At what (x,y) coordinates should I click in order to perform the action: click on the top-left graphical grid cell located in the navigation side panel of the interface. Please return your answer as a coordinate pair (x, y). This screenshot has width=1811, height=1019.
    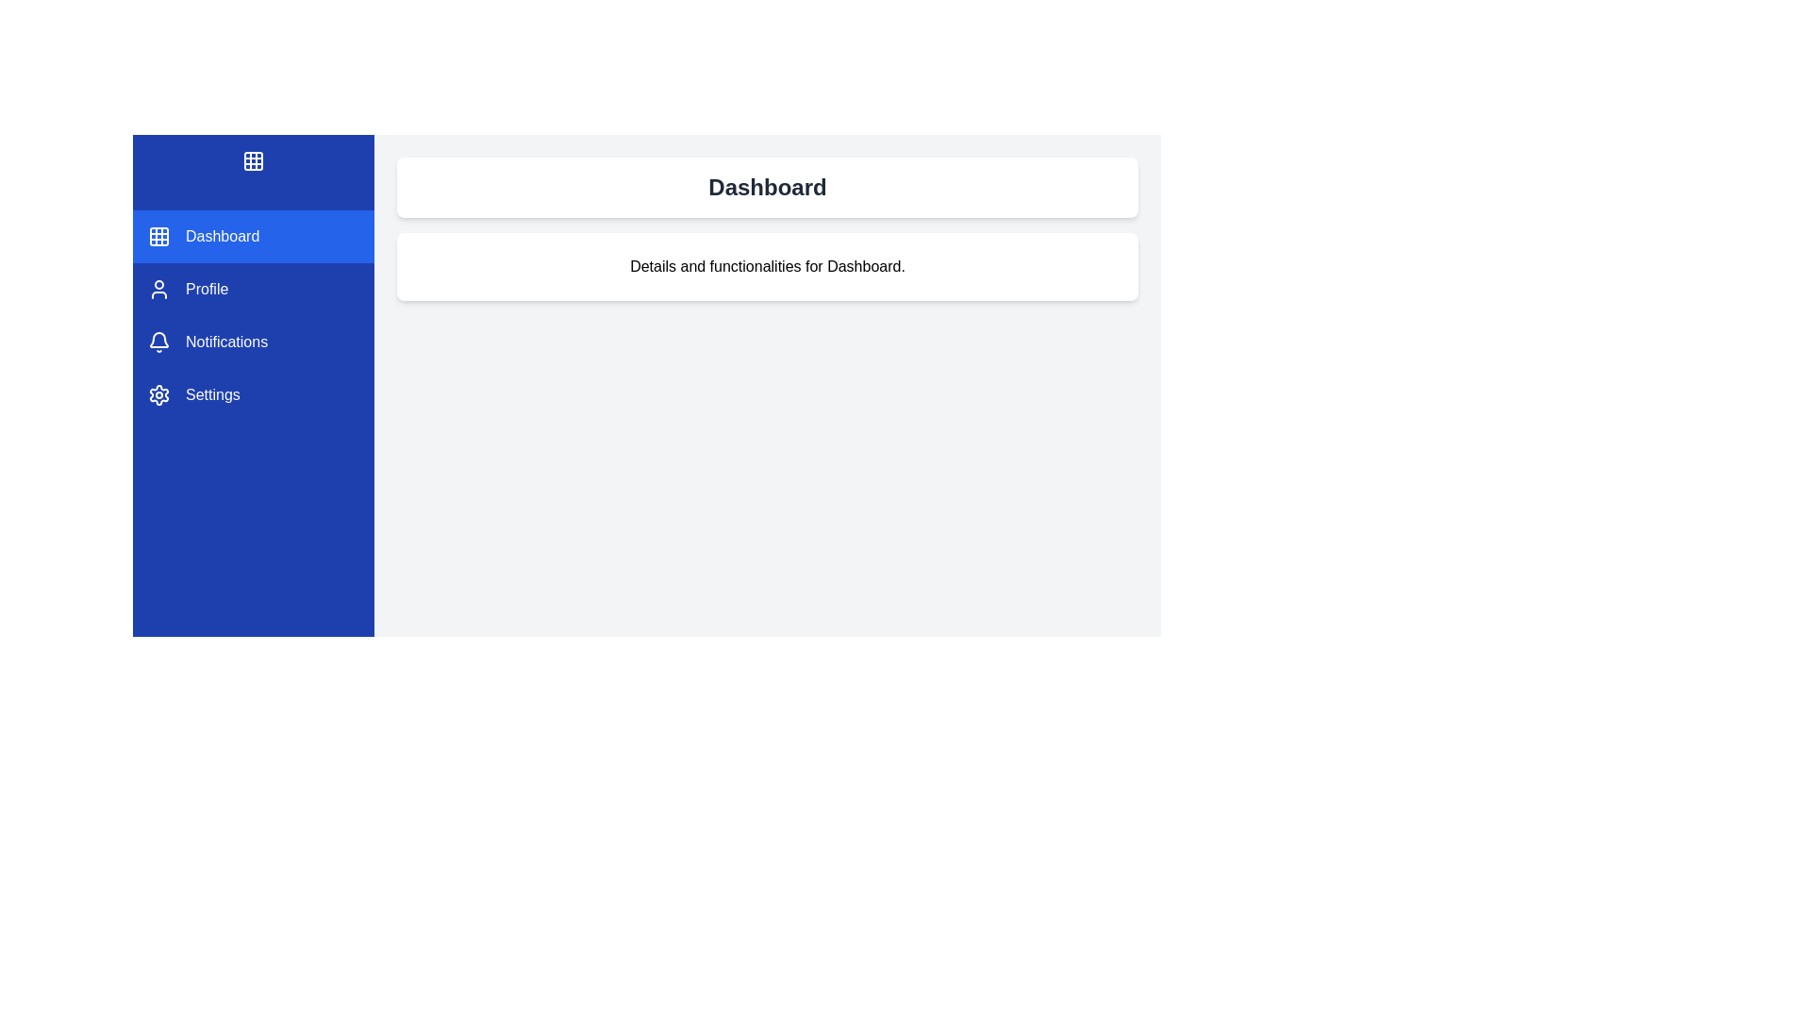
    Looking at the image, I should click on (158, 235).